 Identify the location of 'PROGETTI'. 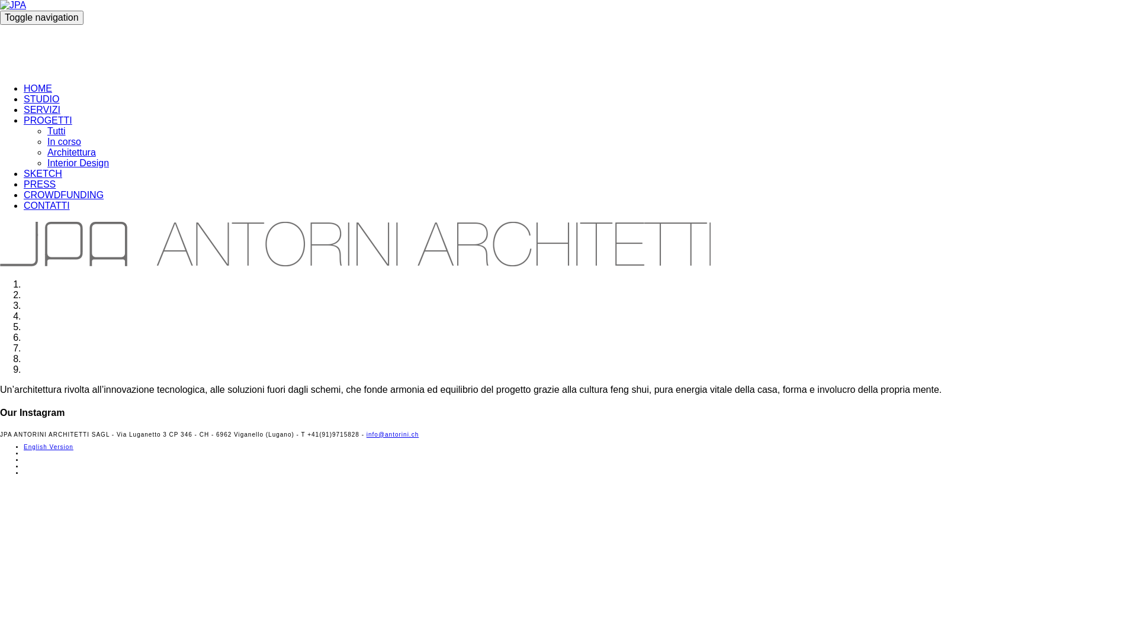
(47, 120).